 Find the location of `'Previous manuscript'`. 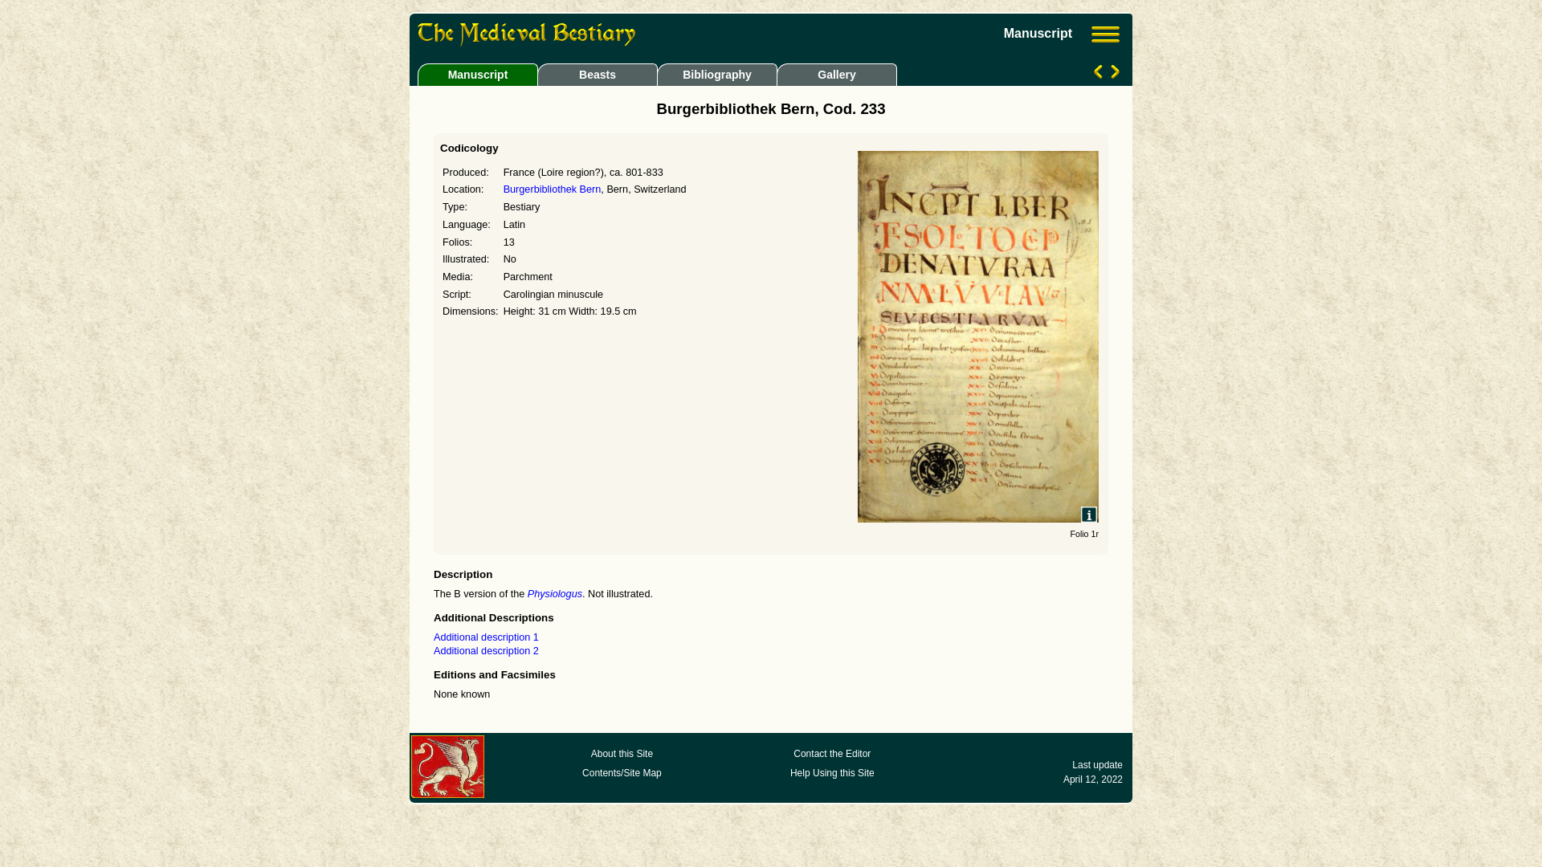

'Previous manuscript' is located at coordinates (1099, 74).